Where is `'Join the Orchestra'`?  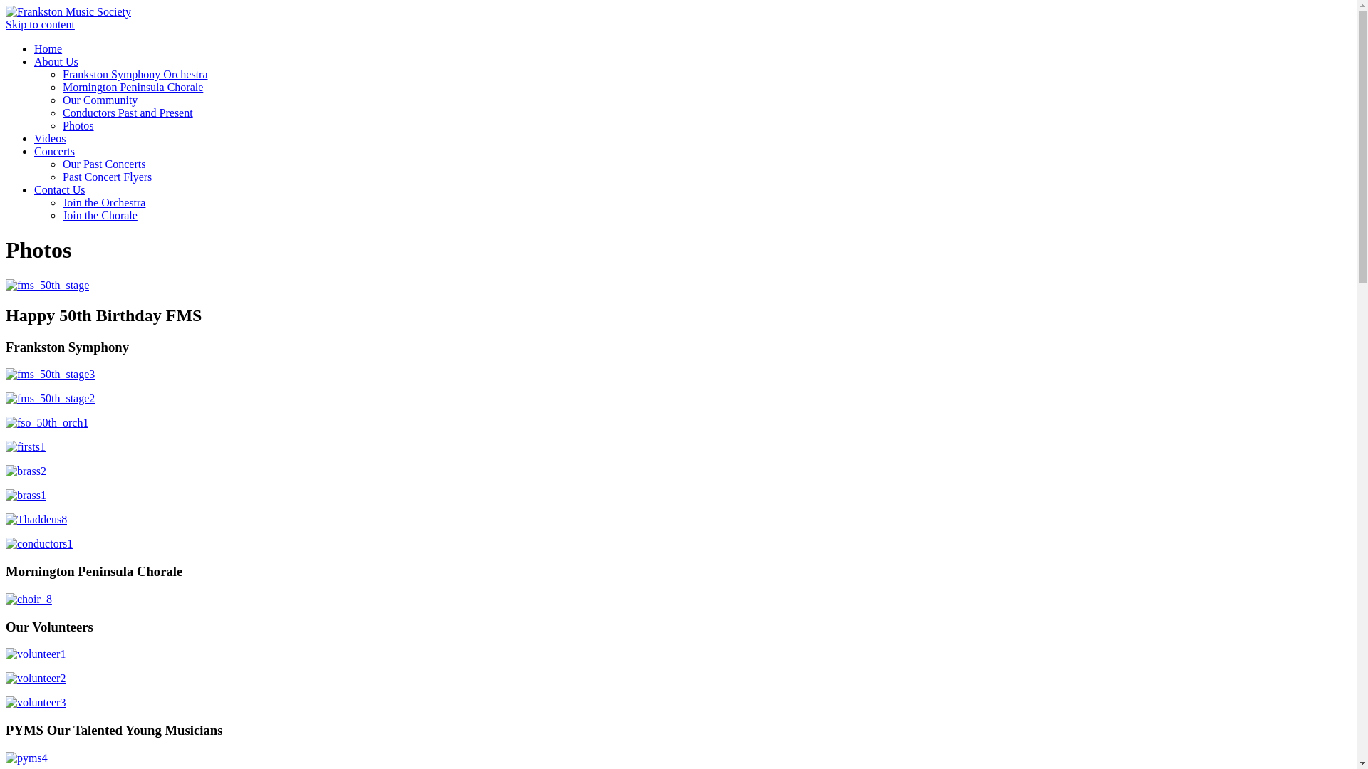 'Join the Orchestra' is located at coordinates (103, 202).